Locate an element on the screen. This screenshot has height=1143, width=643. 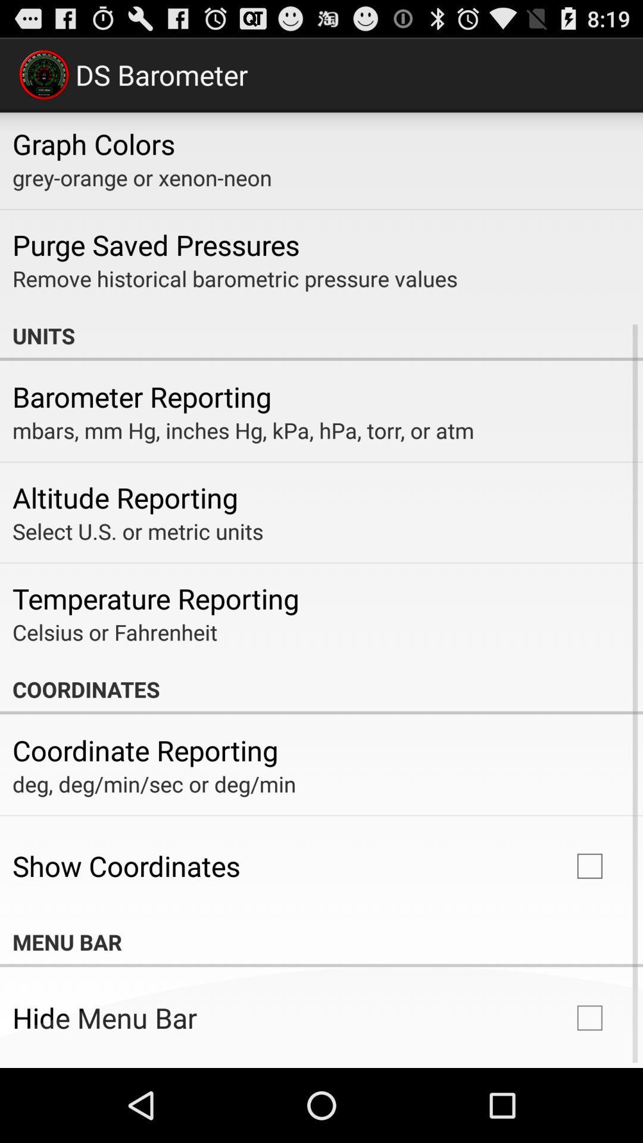
item below coordinates app is located at coordinates (145, 749).